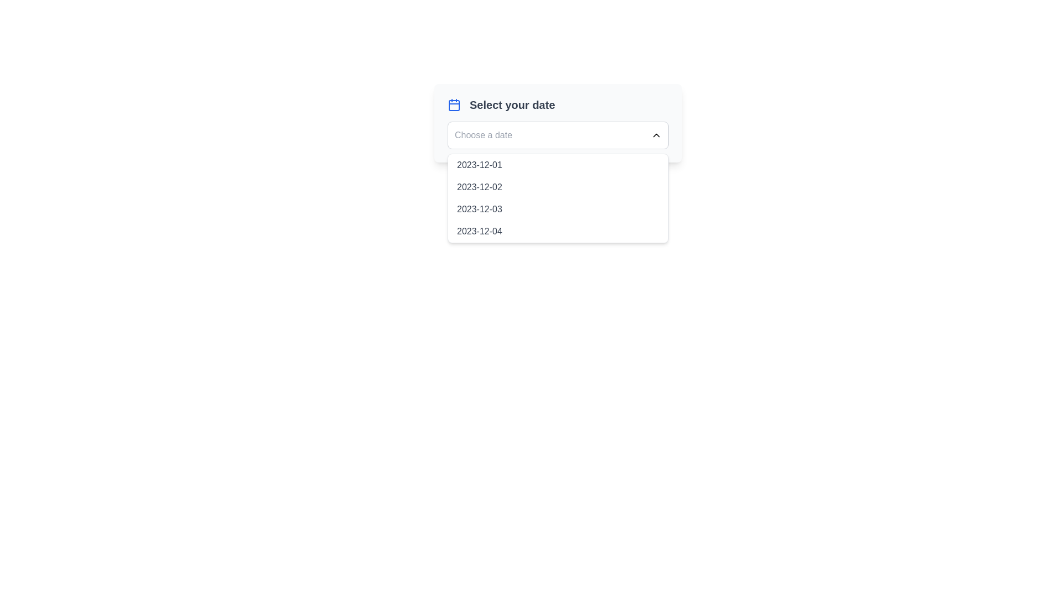 Image resolution: width=1061 pixels, height=597 pixels. I want to click on the dropdown menu styled with a white background and grey border, which contains selectable date options, so click(558, 197).